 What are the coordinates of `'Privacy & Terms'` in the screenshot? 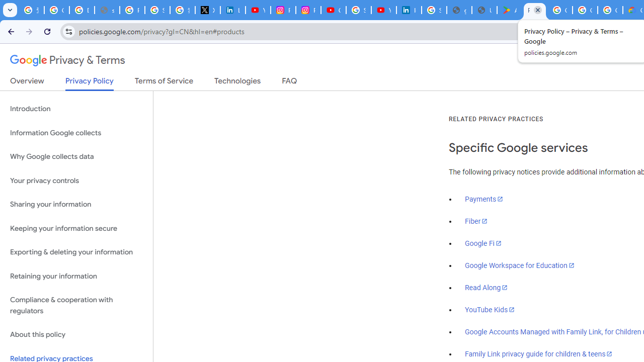 It's located at (67, 60).